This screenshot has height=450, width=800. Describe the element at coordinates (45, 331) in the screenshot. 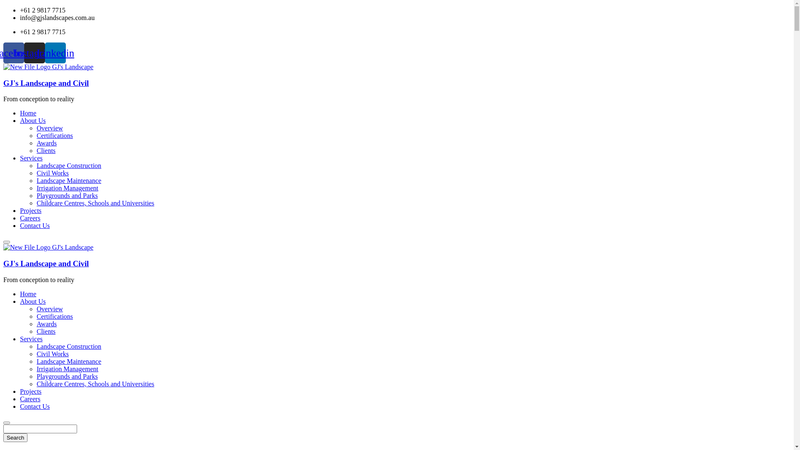

I see `'Clients'` at that location.